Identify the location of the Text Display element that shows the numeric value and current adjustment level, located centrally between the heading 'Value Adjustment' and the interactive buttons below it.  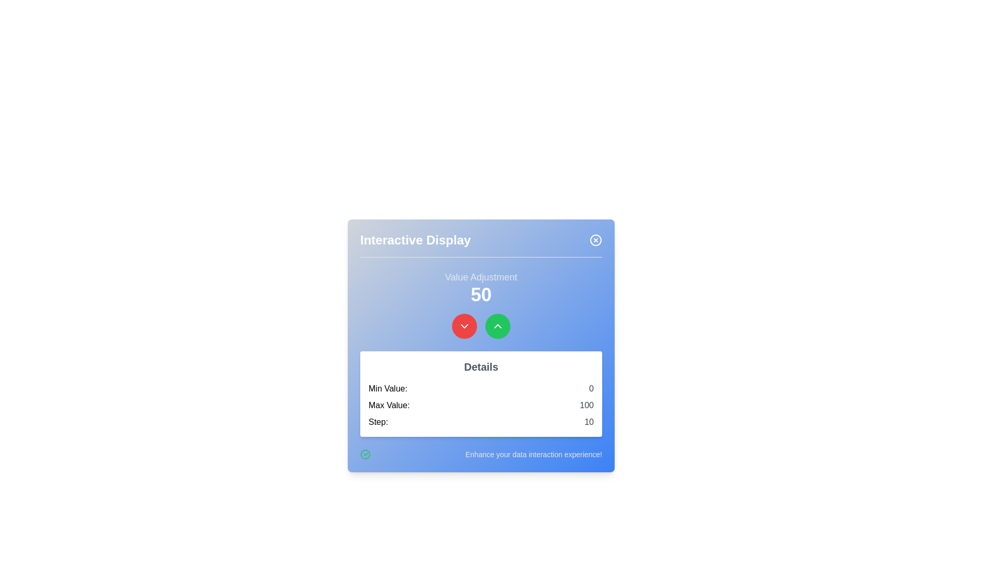
(480, 295).